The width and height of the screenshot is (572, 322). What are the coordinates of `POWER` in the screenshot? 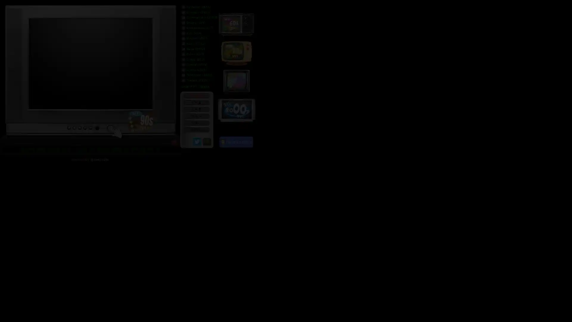 It's located at (196, 95).